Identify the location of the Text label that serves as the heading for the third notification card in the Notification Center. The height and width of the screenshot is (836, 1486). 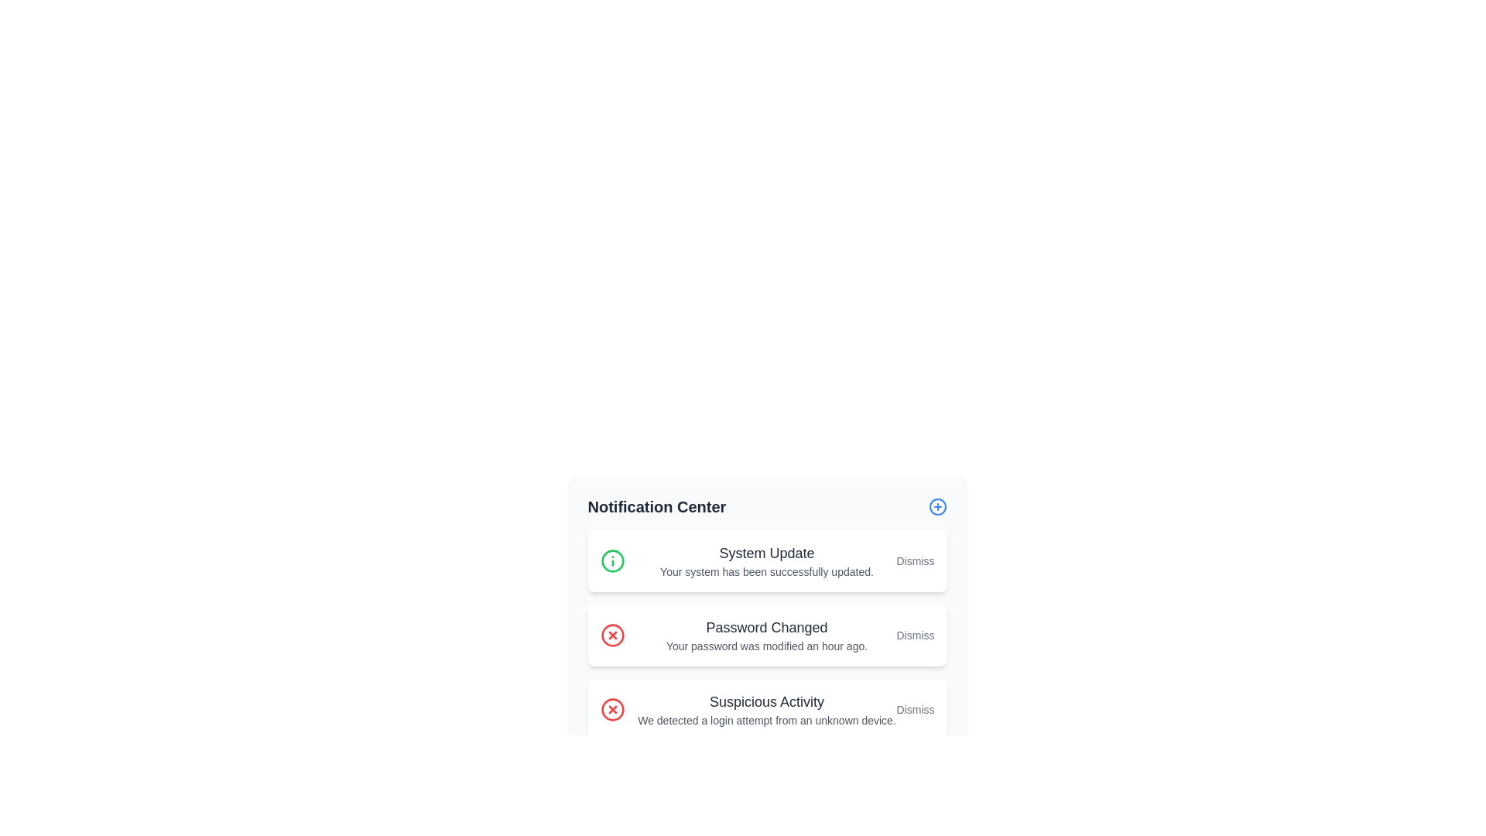
(766, 701).